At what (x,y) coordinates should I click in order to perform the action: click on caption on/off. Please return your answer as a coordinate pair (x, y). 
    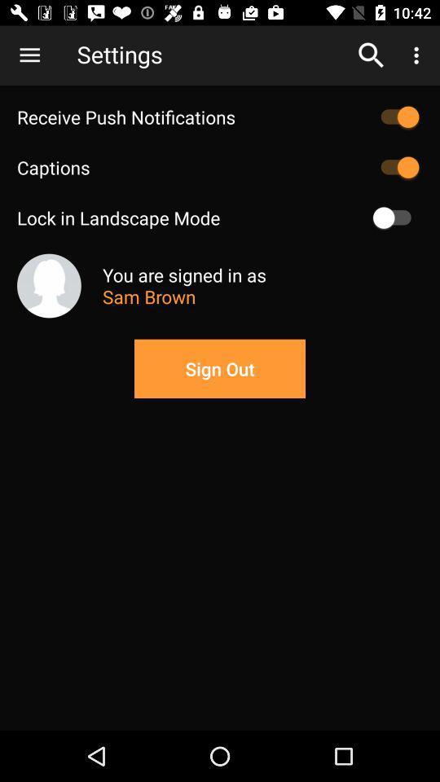
    Looking at the image, I should click on (395, 167).